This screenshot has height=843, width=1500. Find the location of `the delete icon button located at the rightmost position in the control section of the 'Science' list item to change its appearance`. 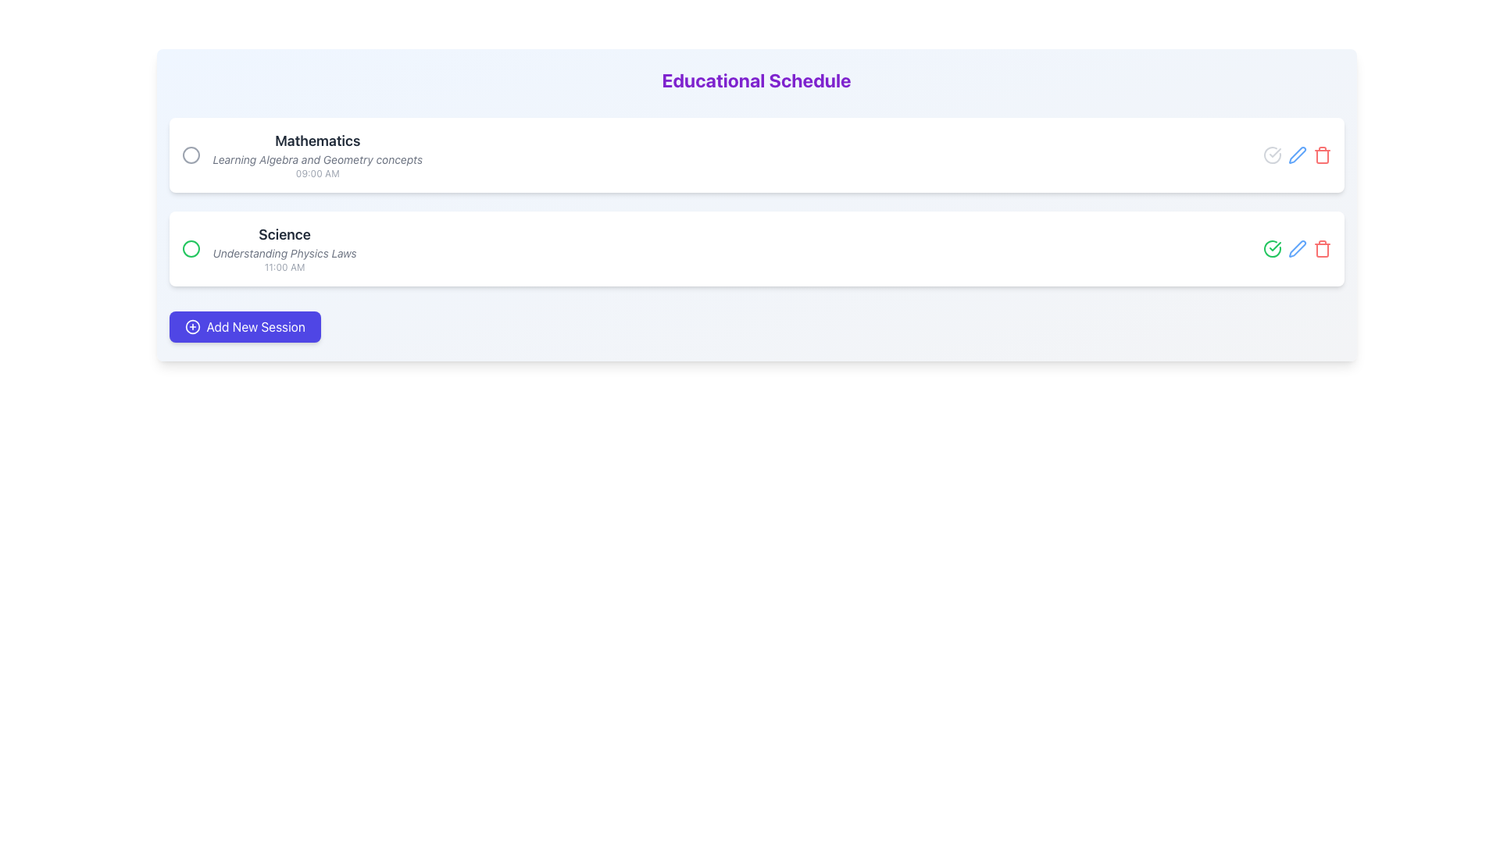

the delete icon button located at the rightmost position in the control section of the 'Science' list item to change its appearance is located at coordinates (1321, 249).